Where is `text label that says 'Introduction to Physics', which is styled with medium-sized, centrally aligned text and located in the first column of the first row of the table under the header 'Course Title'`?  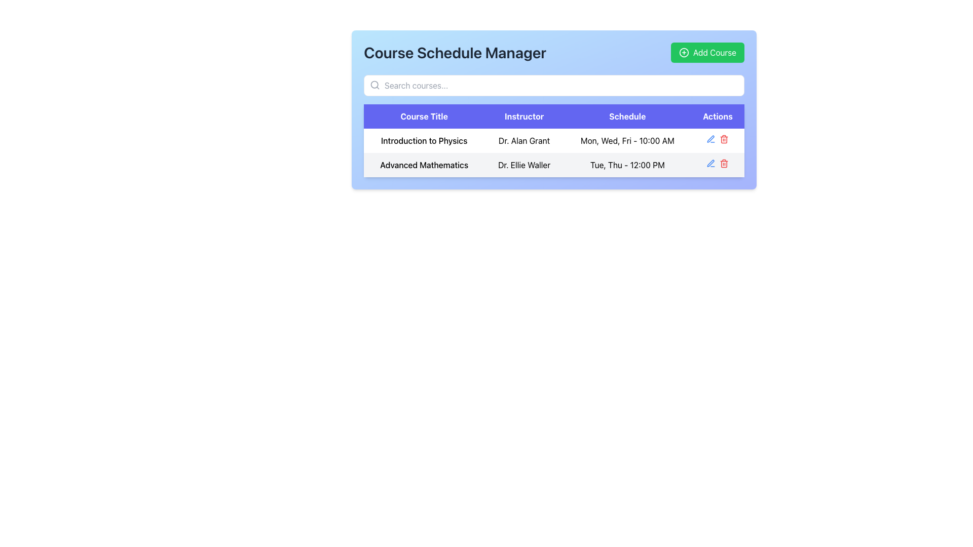 text label that says 'Introduction to Physics', which is styled with medium-sized, centrally aligned text and located in the first column of the first row of the table under the header 'Course Title' is located at coordinates (424, 140).